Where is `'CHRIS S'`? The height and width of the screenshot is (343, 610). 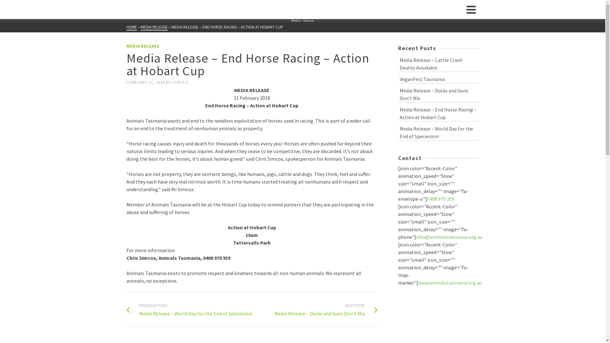 'CHRIS S' is located at coordinates (180, 82).